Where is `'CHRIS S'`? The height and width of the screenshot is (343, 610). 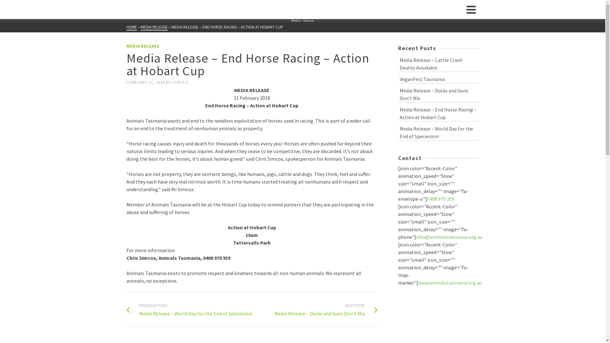 'CHRIS S' is located at coordinates (180, 82).